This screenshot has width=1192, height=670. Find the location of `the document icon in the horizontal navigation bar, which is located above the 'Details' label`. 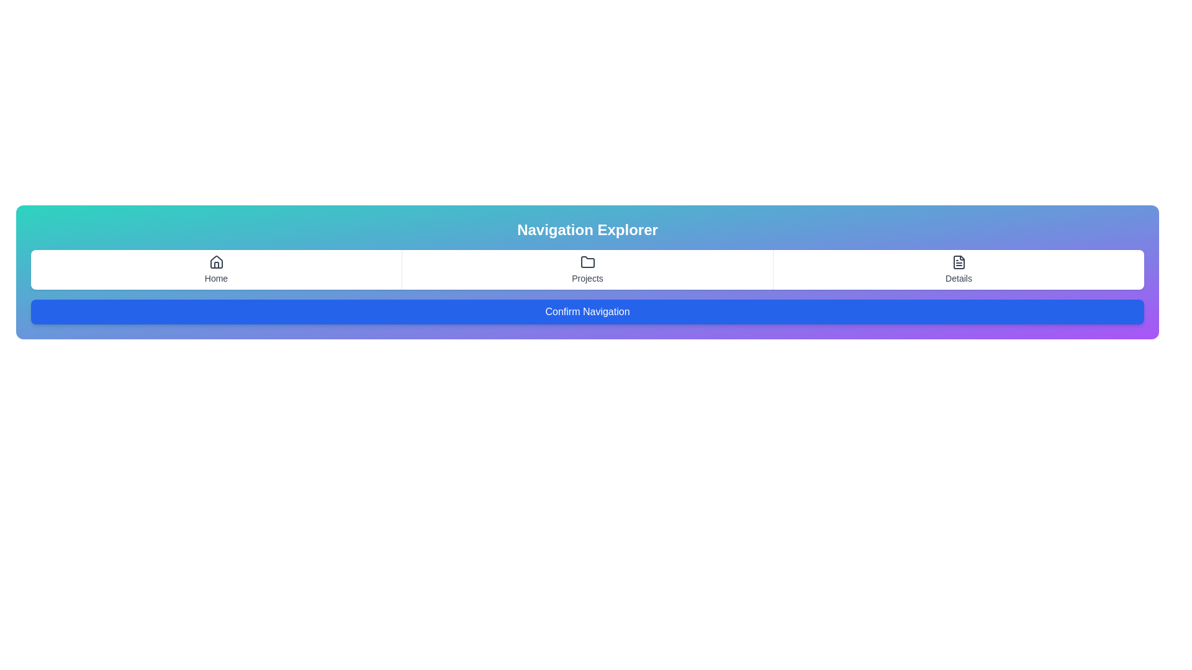

the document icon in the horizontal navigation bar, which is located above the 'Details' label is located at coordinates (958, 262).